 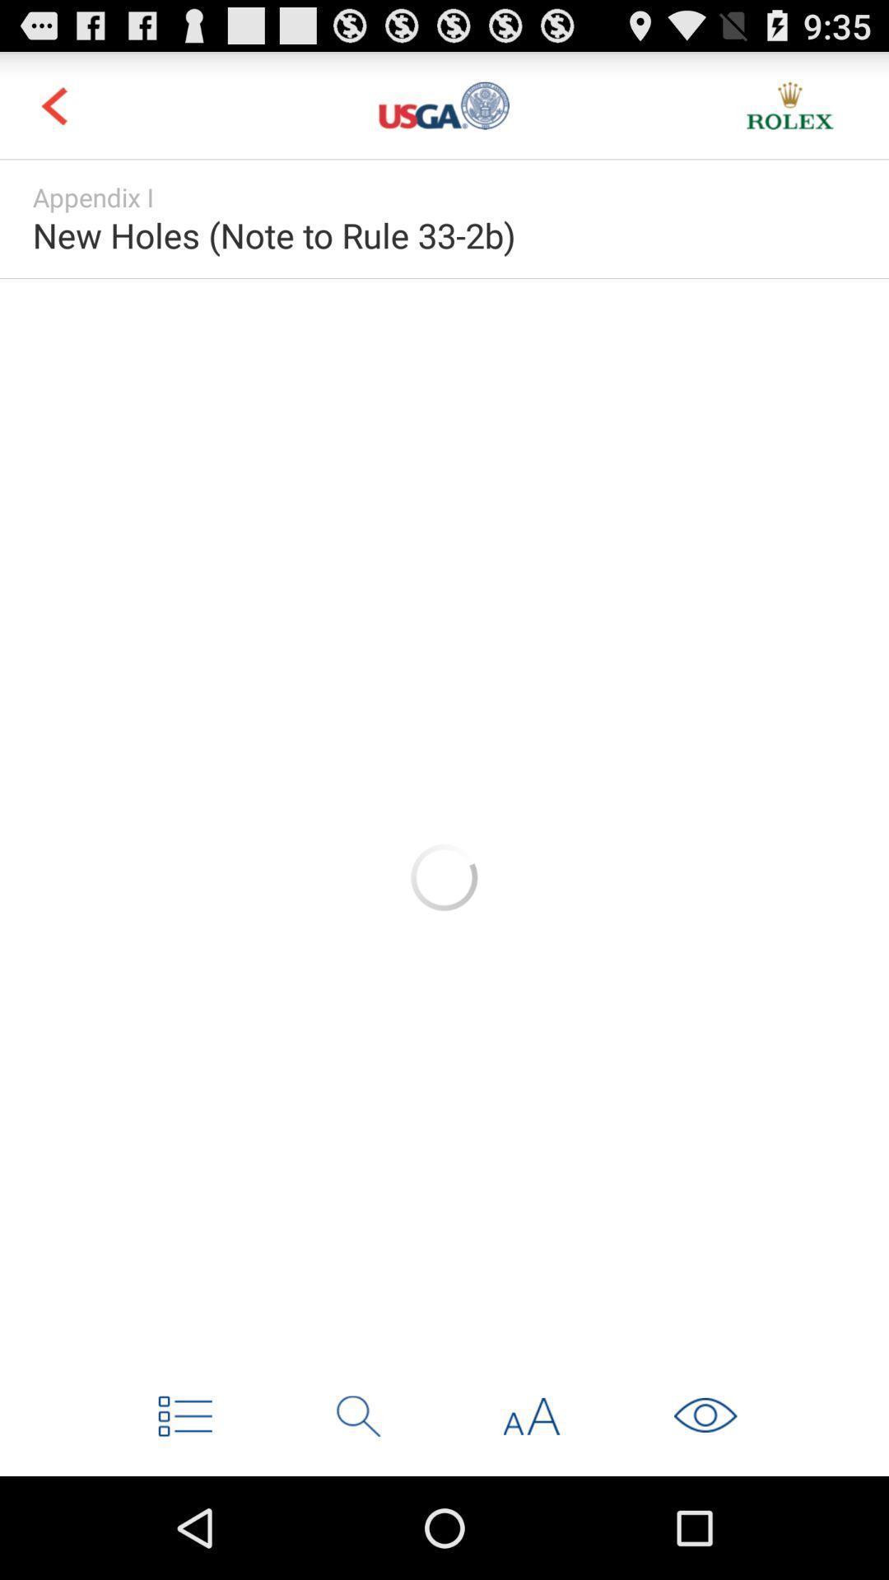 What do you see at coordinates (444, 876) in the screenshot?
I see `loading image` at bounding box center [444, 876].